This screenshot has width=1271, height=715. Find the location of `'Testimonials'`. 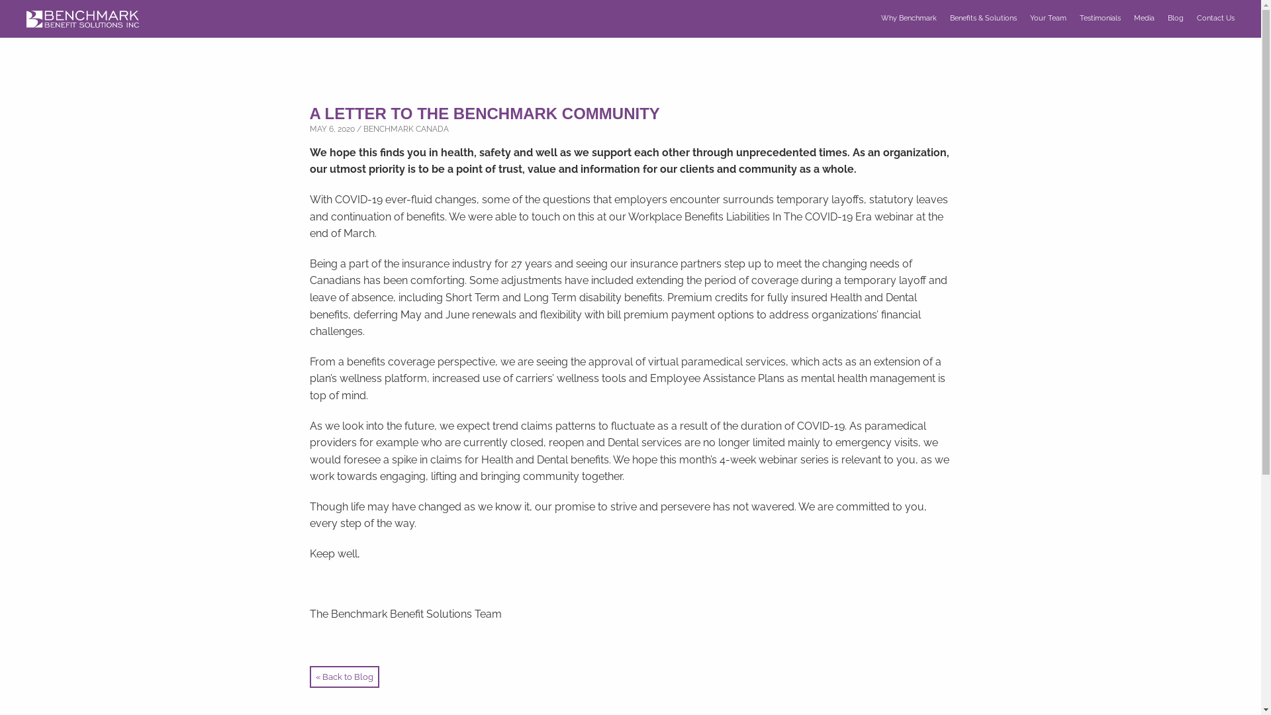

'Testimonials' is located at coordinates (1100, 18).